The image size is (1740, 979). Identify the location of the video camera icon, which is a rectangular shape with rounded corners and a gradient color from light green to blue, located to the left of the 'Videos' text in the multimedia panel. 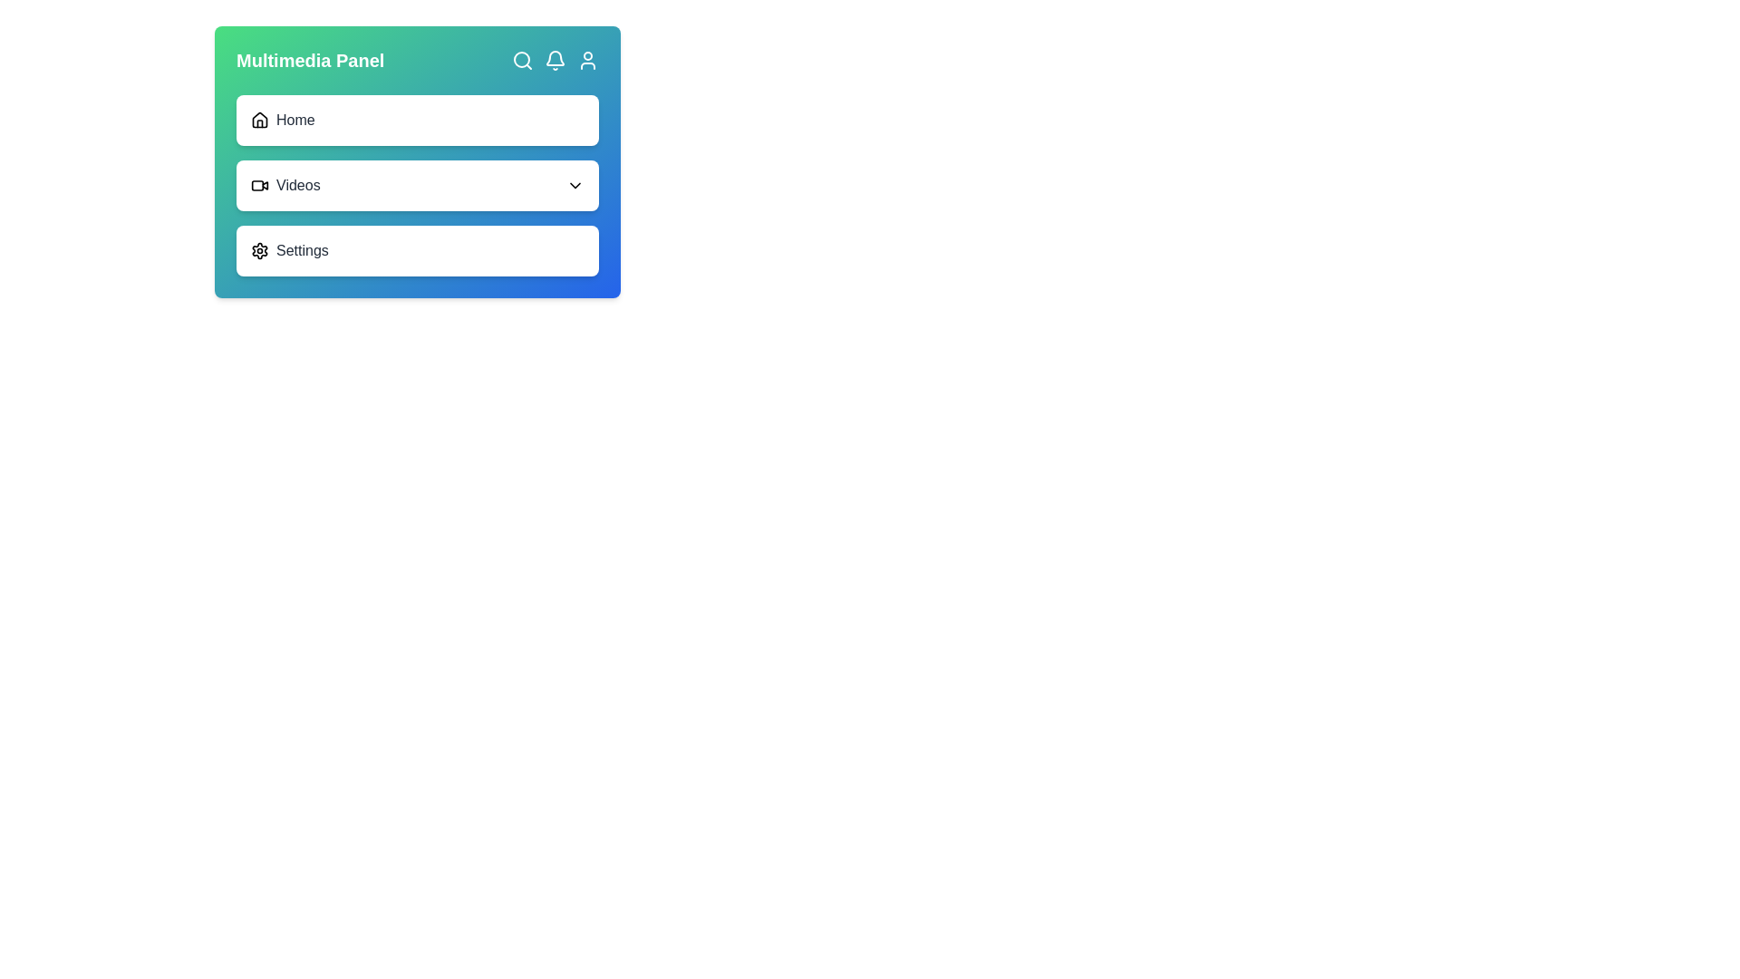
(256, 185).